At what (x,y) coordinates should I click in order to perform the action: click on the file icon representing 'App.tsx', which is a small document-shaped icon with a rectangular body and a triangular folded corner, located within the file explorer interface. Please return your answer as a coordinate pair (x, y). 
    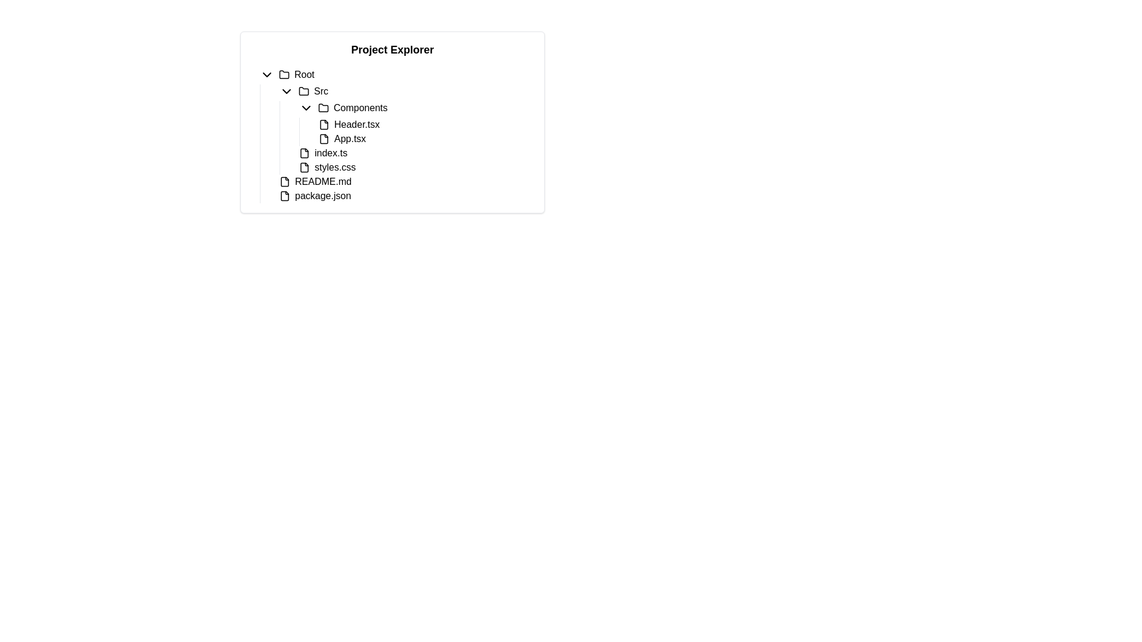
    Looking at the image, I should click on (324, 139).